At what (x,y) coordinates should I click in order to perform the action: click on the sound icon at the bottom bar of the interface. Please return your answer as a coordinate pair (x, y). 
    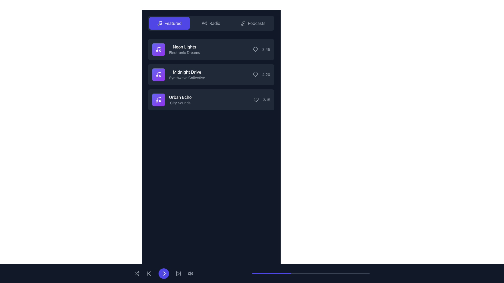
    Looking at the image, I should click on (189, 273).